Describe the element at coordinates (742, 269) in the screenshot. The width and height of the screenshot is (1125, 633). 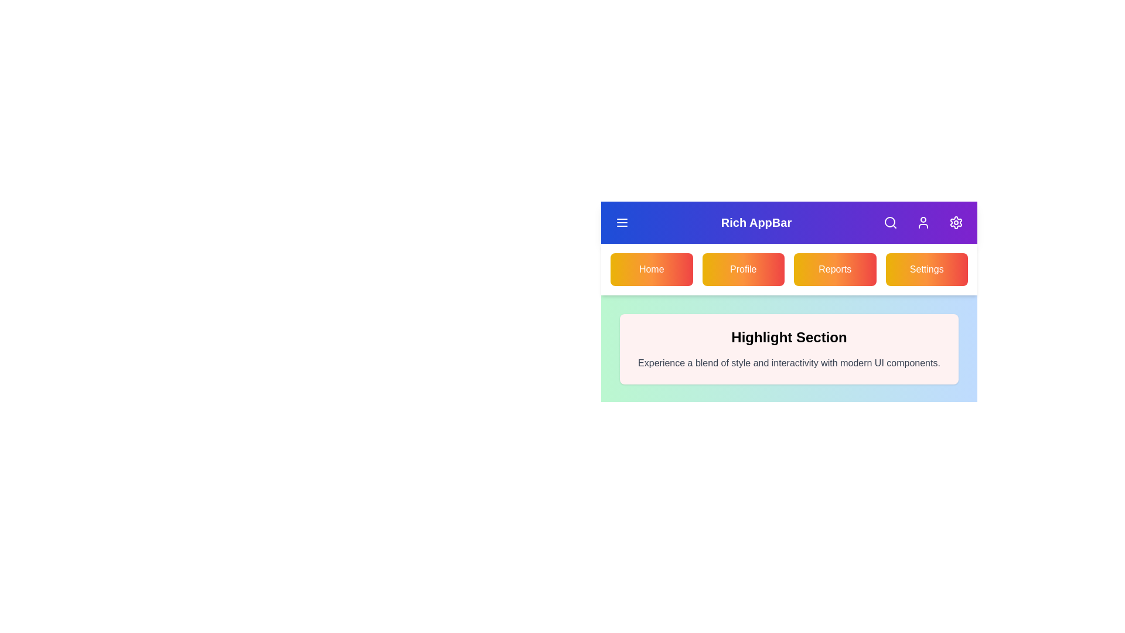
I see `the Profile navigation button` at that location.